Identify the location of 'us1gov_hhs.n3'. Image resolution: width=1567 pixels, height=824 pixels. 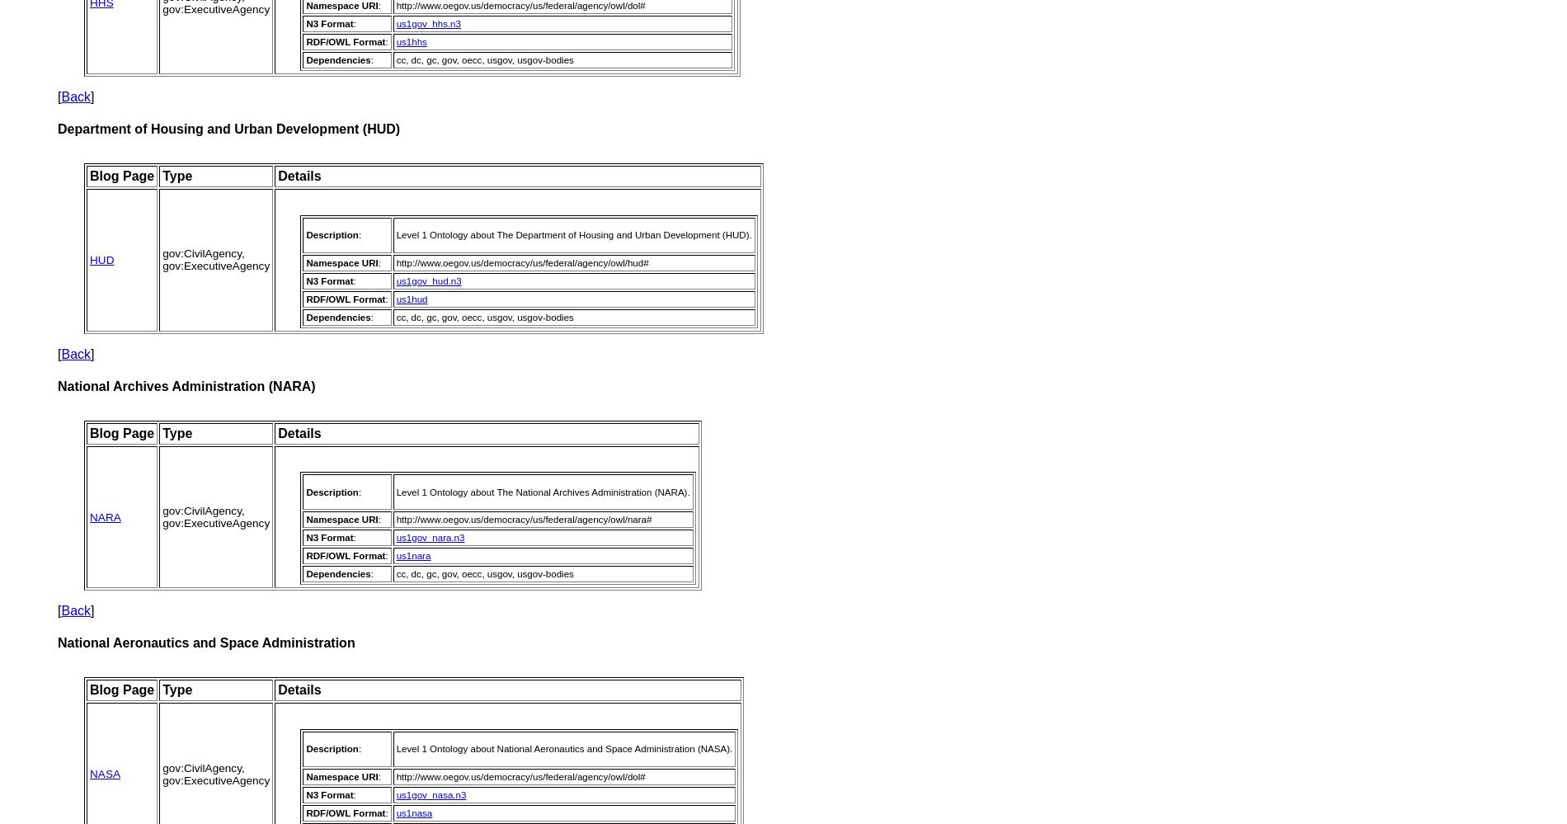
(428, 23).